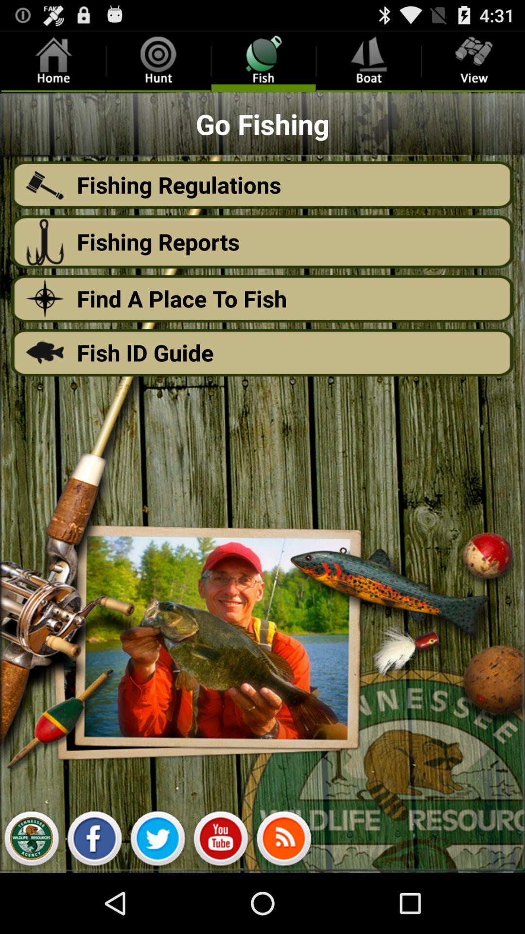  What do you see at coordinates (283, 841) in the screenshot?
I see `volume raise` at bounding box center [283, 841].